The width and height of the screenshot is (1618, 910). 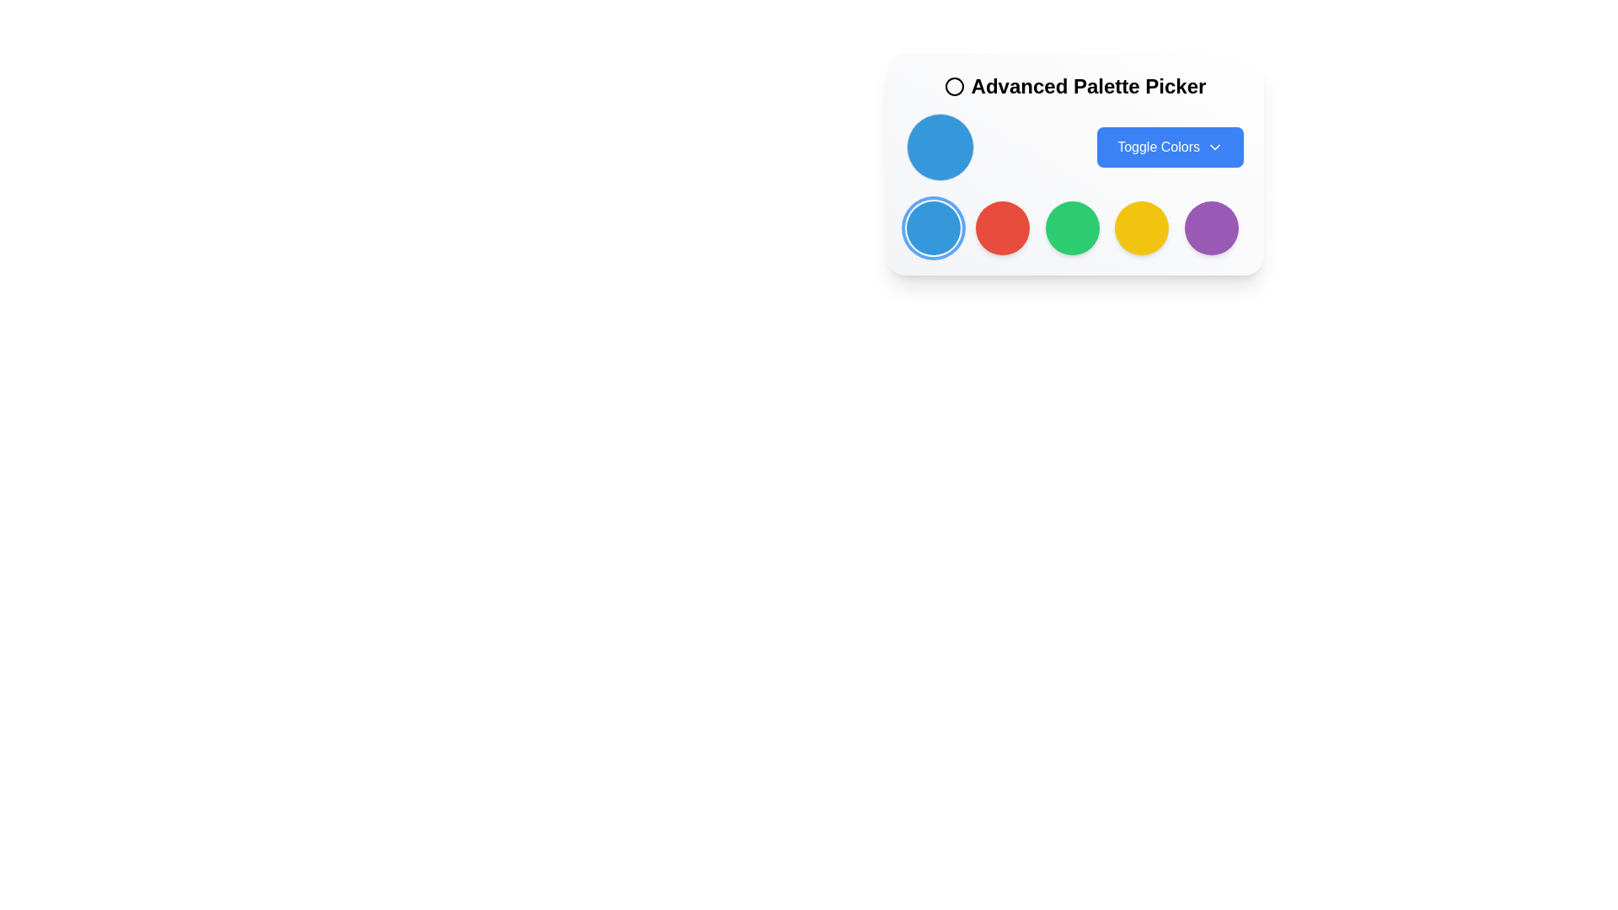 I want to click on the second circle in the color selection palette under the 'Advanced Palette Picker', so click(x=1003, y=227).